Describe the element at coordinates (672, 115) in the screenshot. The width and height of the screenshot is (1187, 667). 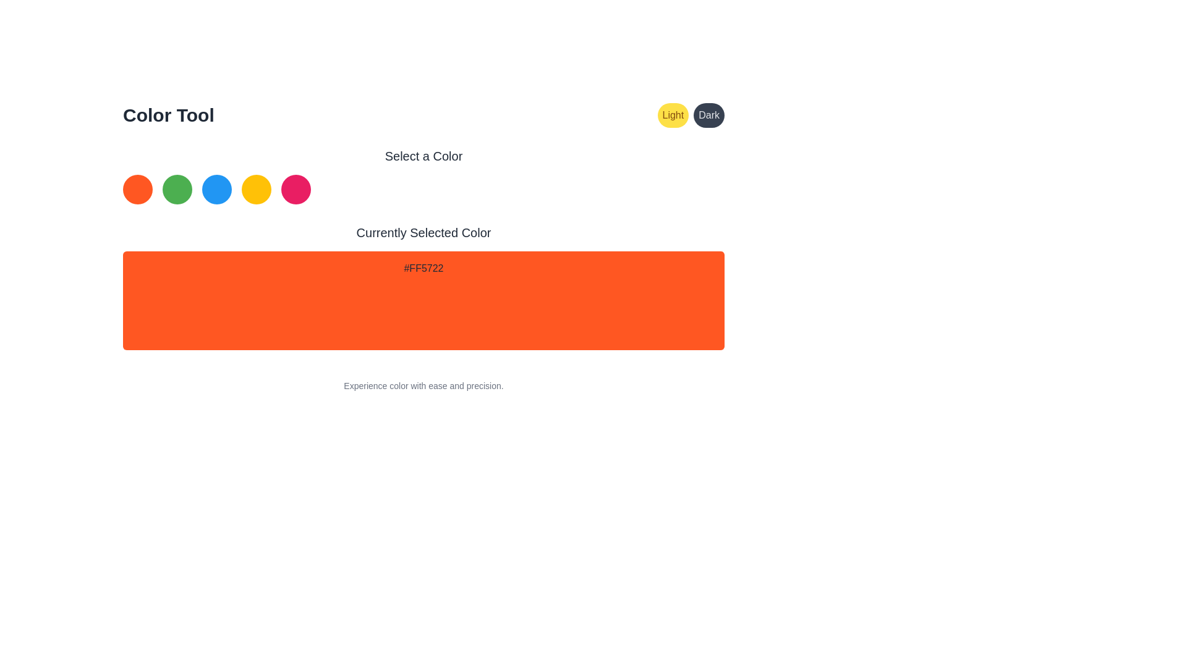
I see `the rounded yellow button with brown text that reads 'Light'` at that location.